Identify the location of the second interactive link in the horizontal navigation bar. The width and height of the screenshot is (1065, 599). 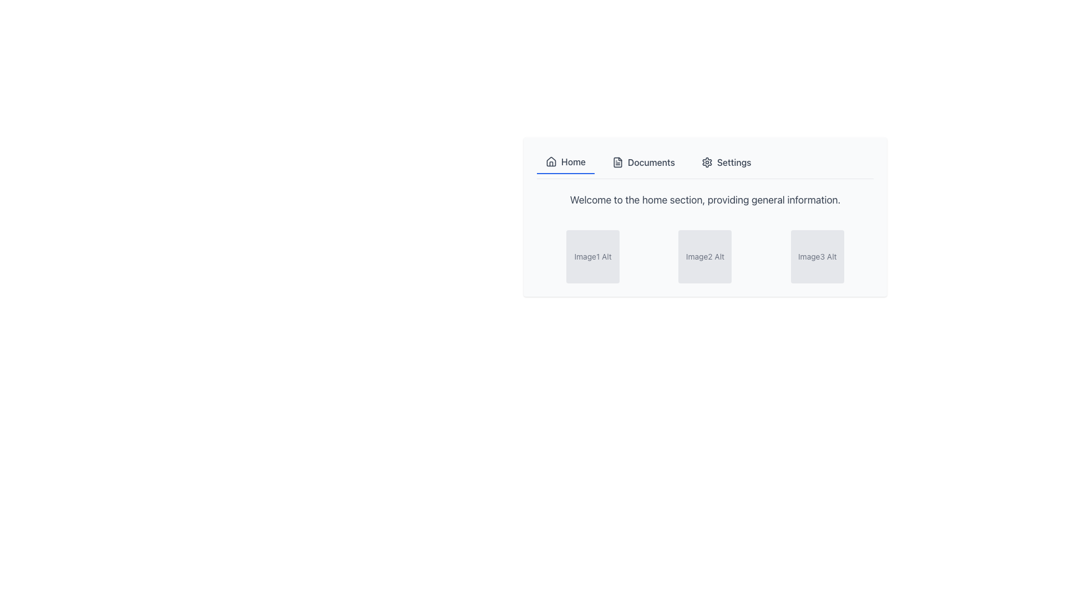
(643, 163).